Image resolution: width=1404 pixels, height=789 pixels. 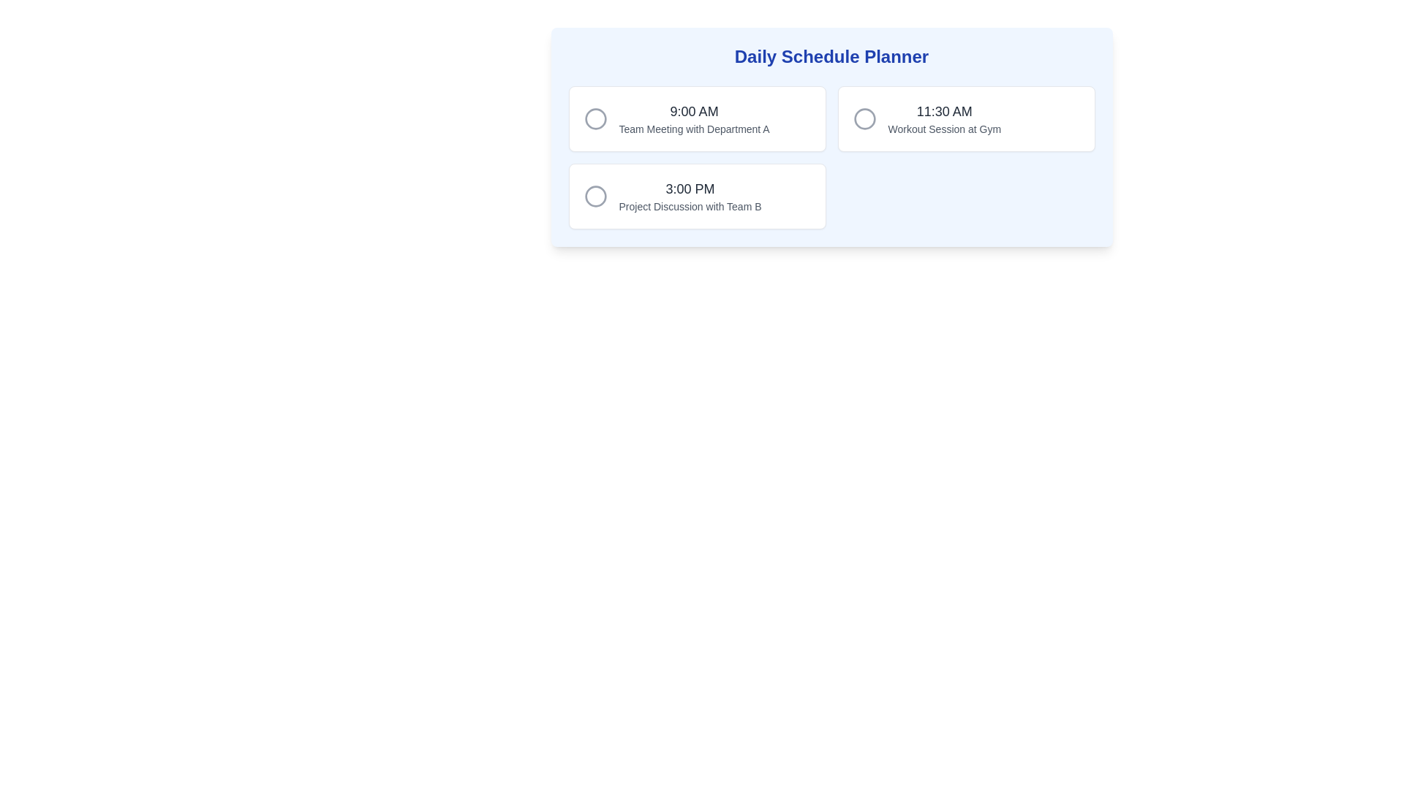 What do you see at coordinates (944, 111) in the screenshot?
I see `the text label displaying '11:30 AM' in bold, dark gray font located at the top-right side of the daily schedule planner interface` at bounding box center [944, 111].